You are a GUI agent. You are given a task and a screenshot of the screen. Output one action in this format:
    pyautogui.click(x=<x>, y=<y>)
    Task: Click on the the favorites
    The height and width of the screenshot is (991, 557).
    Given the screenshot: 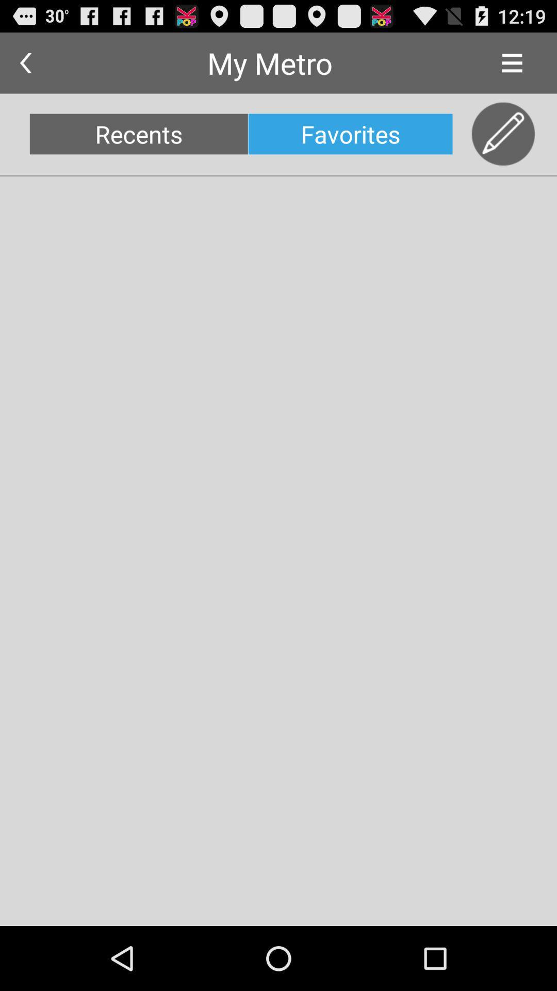 What is the action you would take?
    pyautogui.click(x=350, y=133)
    